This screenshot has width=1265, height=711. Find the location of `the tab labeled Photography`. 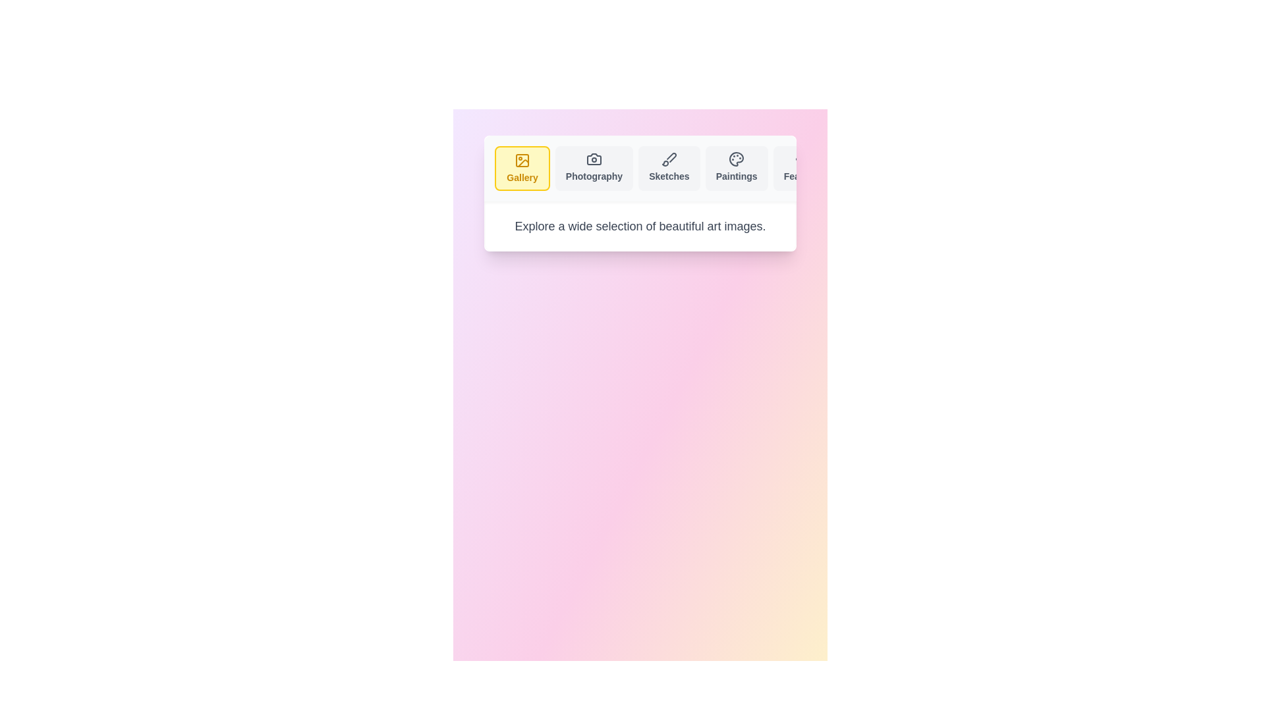

the tab labeled Photography is located at coordinates (594, 167).